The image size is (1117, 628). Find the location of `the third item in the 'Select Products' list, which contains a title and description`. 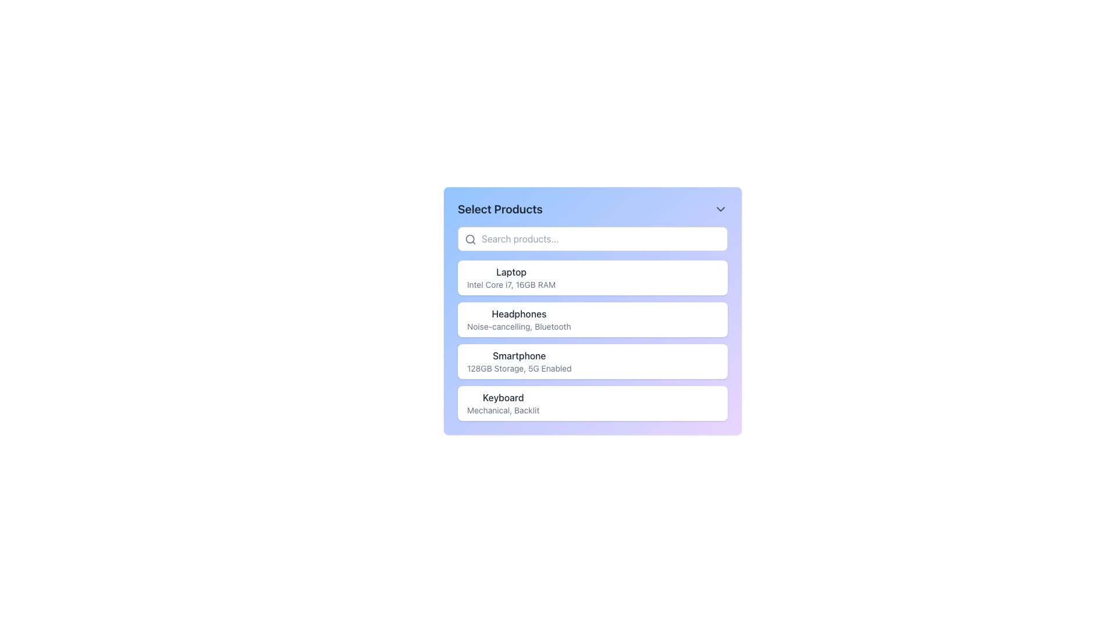

the third item in the 'Select Products' list, which contains a title and description is located at coordinates (592, 340).